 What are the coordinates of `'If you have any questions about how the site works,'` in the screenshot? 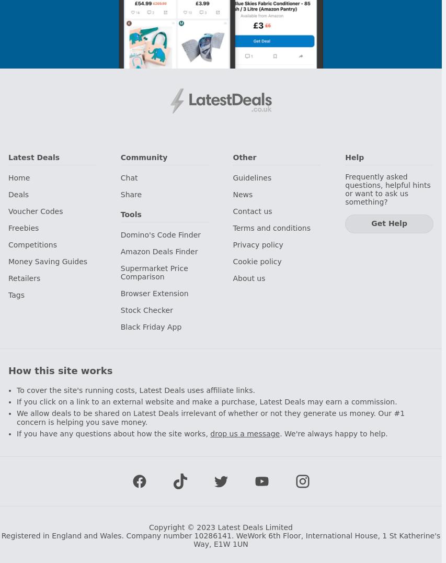 It's located at (113, 432).